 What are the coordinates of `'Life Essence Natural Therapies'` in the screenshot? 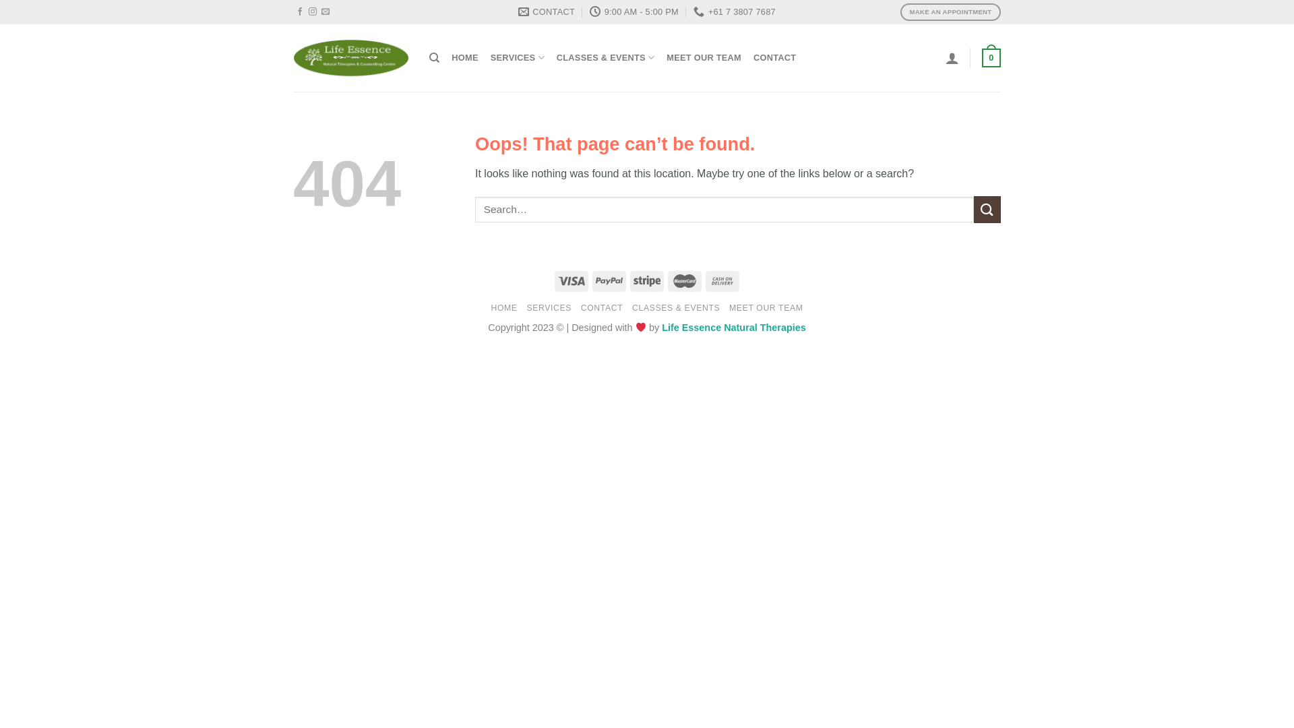 It's located at (662, 328).